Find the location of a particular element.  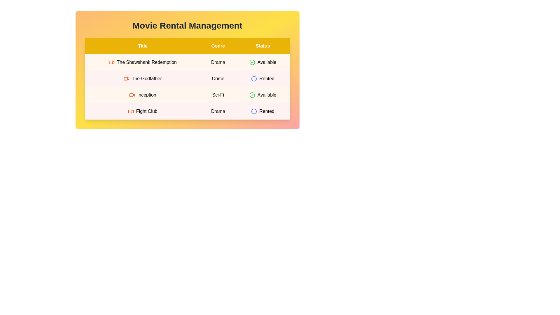

the row corresponding to movie Fight Club is located at coordinates (187, 111).